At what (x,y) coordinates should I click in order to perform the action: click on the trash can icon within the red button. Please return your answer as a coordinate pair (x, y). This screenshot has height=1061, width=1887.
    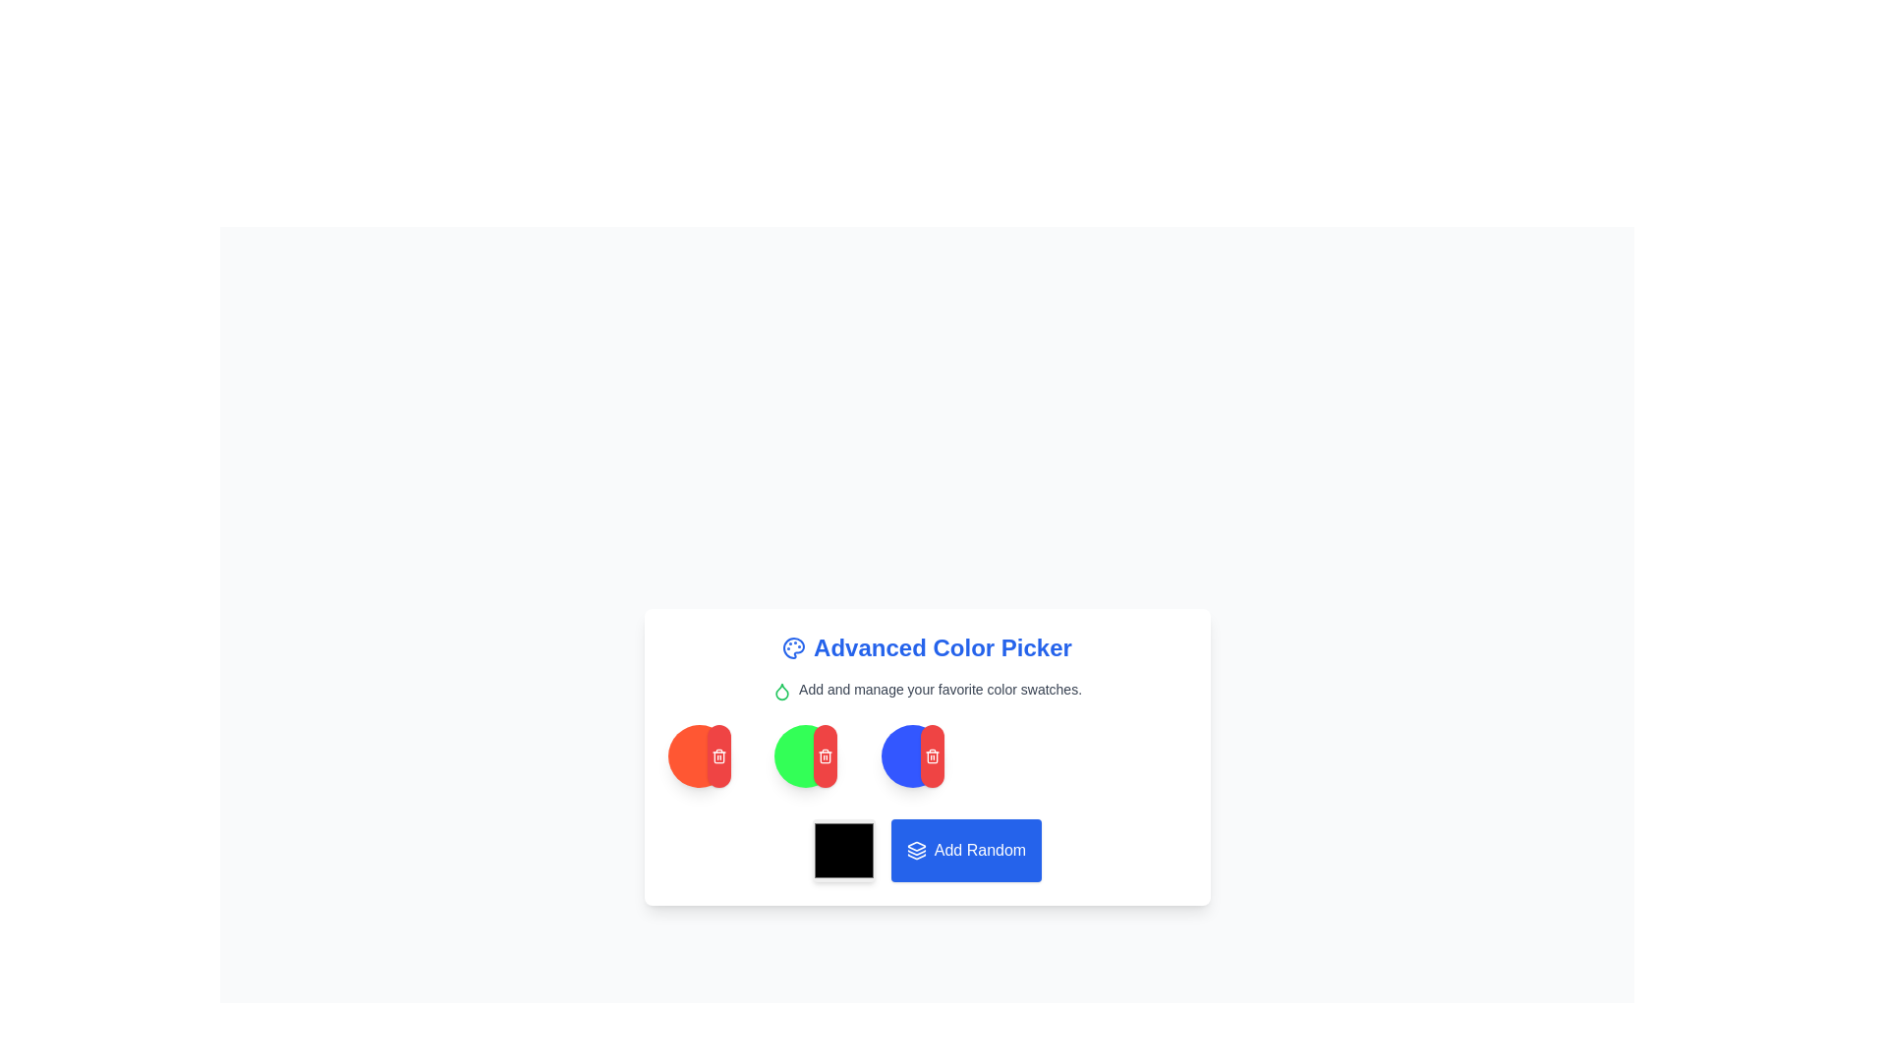
    Looking at the image, I should click on (932, 756).